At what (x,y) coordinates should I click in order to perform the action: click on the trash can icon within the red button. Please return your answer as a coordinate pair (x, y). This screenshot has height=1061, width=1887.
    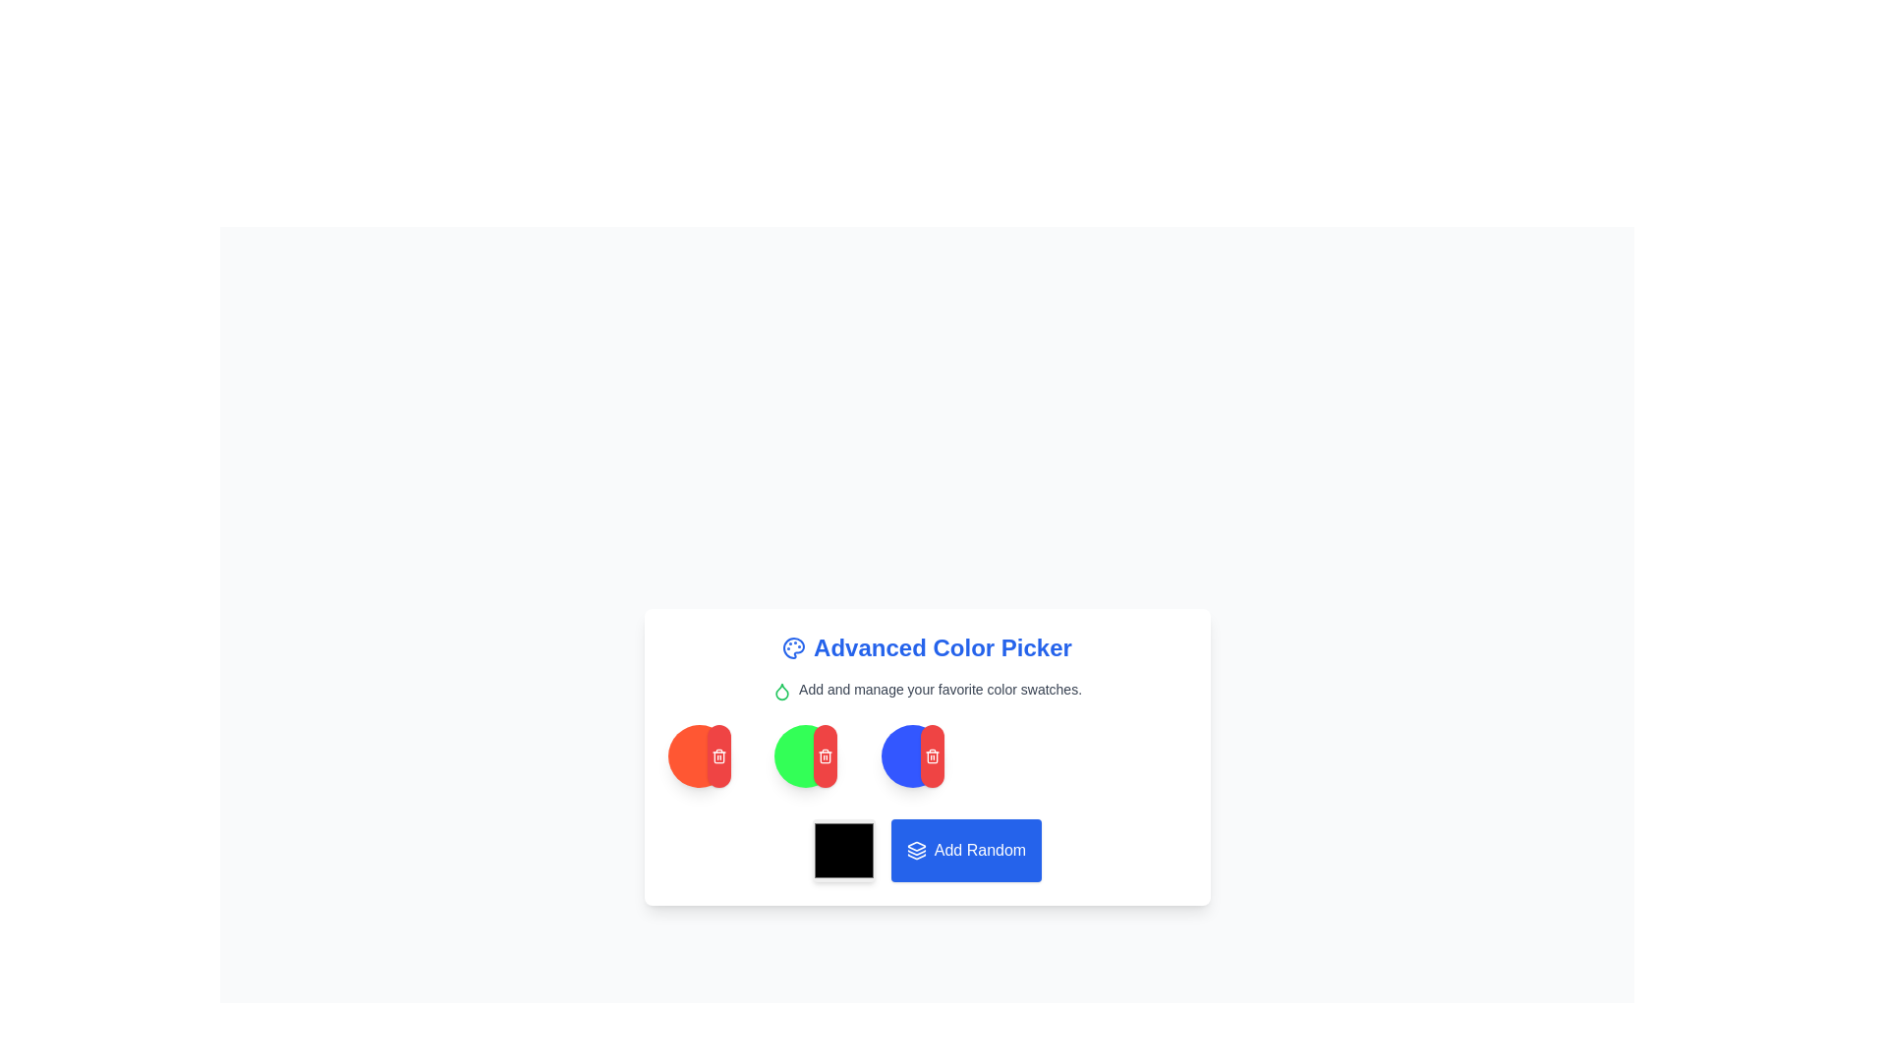
    Looking at the image, I should click on (932, 756).